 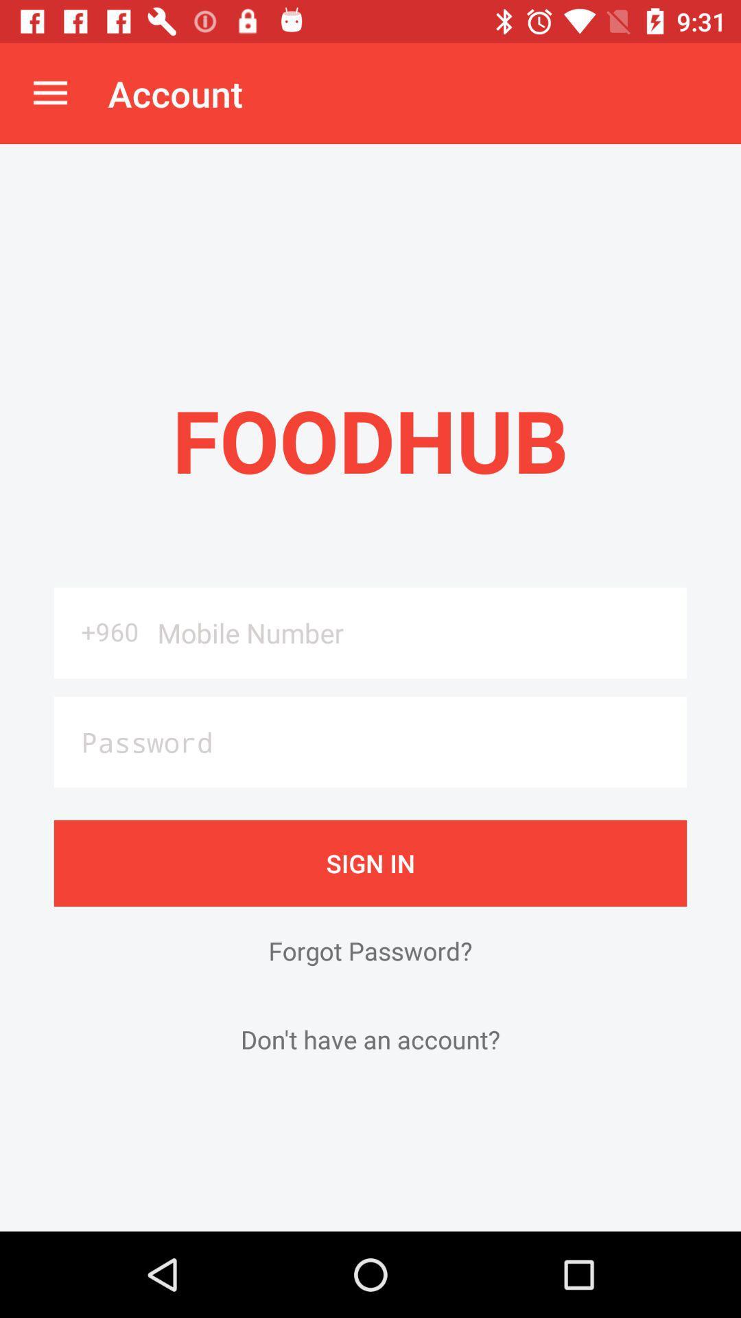 What do you see at coordinates (416, 632) in the screenshot?
I see `the icon to the right of the +960 item` at bounding box center [416, 632].